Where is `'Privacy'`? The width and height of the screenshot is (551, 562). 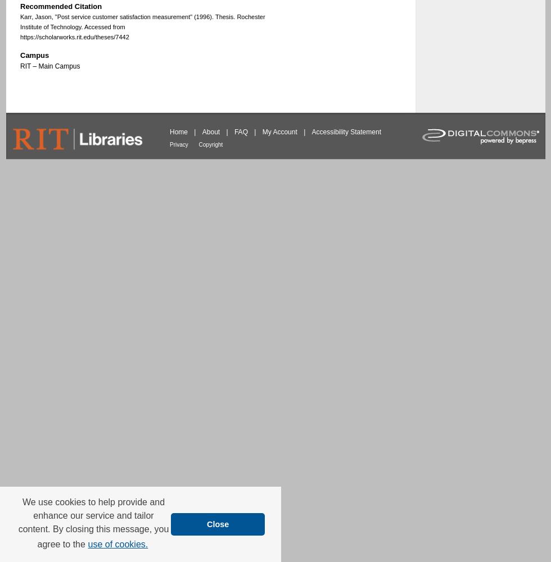 'Privacy' is located at coordinates (179, 144).